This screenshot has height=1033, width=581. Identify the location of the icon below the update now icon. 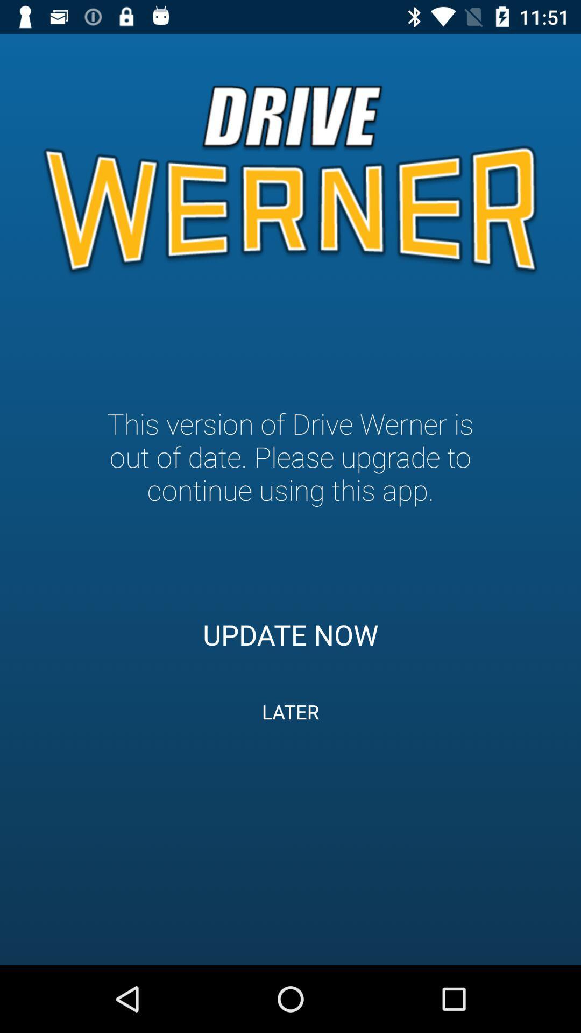
(290, 712).